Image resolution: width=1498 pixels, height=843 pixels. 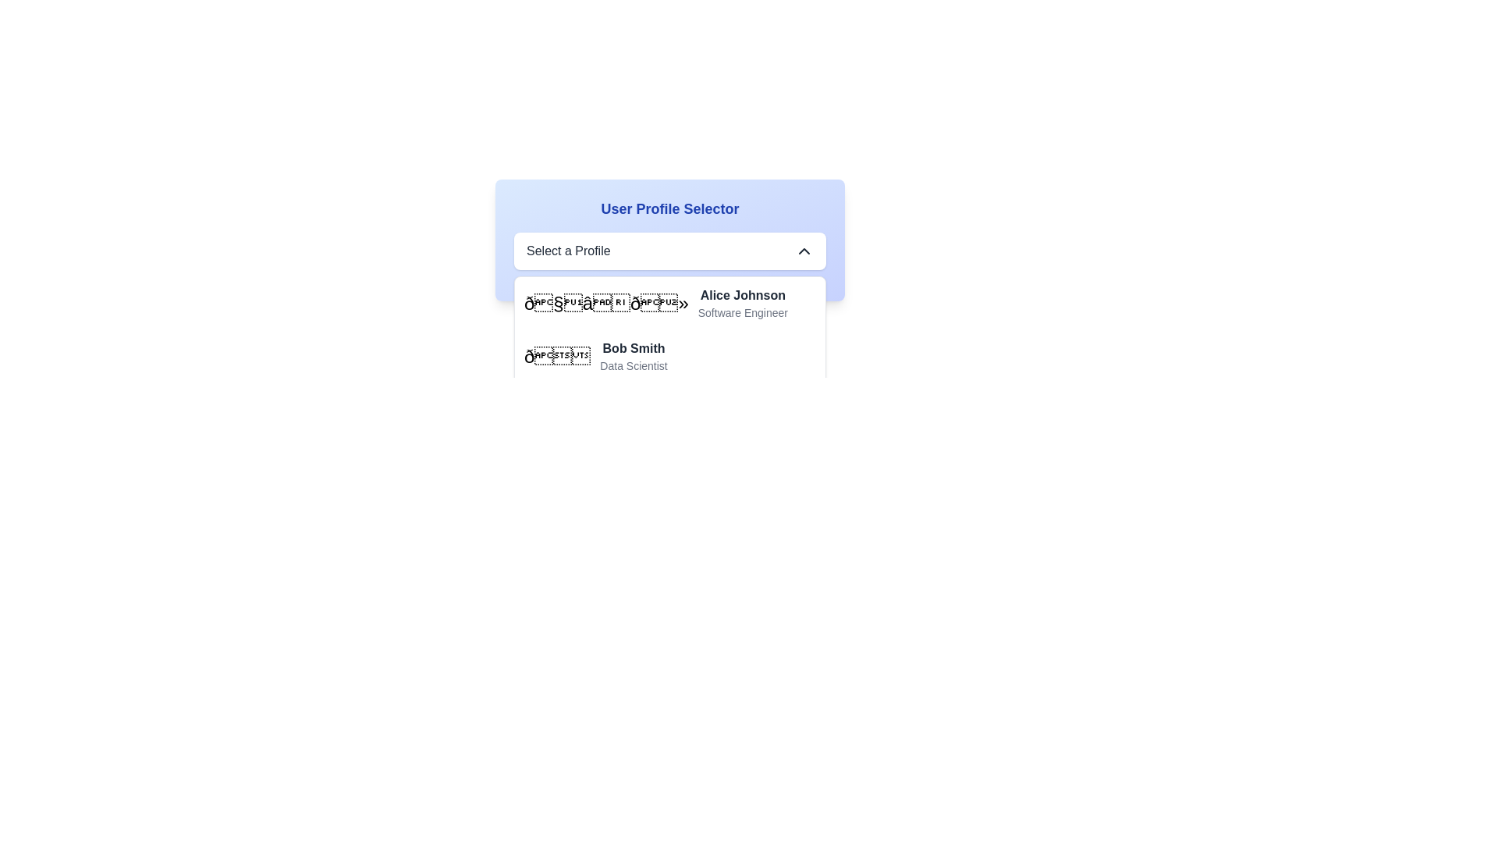 What do you see at coordinates (742, 295) in the screenshot?
I see `the label displaying 'Alice Johnson', which is in bold dark gray font on a white background, positioned above the job title 'Software Engineer' in the 'User Profile Selector' section` at bounding box center [742, 295].